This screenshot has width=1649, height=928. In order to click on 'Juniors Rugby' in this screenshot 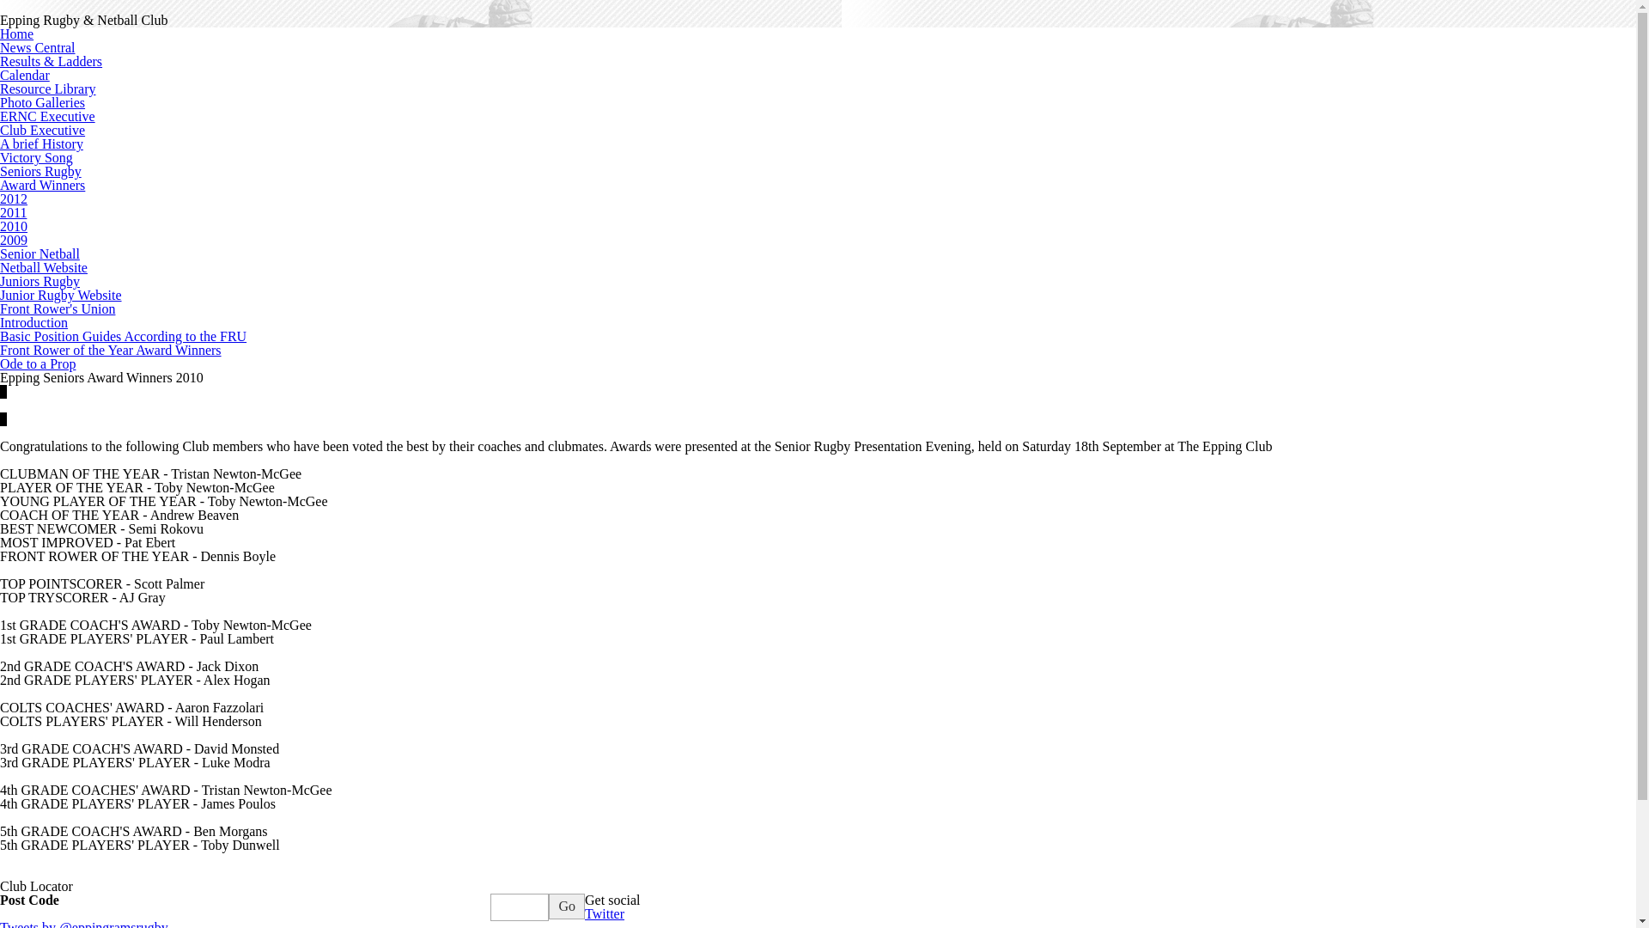, I will do `click(40, 280)`.